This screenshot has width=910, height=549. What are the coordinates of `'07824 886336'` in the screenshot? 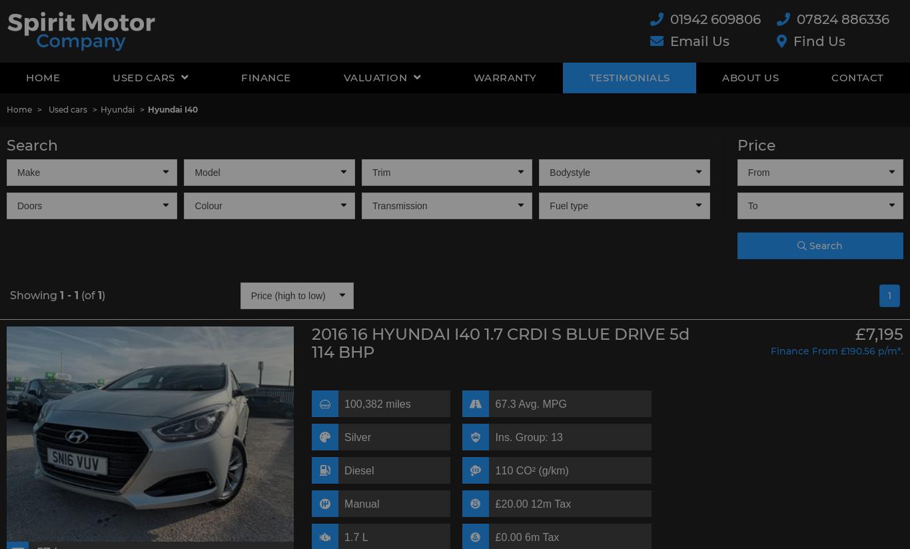 It's located at (842, 18).